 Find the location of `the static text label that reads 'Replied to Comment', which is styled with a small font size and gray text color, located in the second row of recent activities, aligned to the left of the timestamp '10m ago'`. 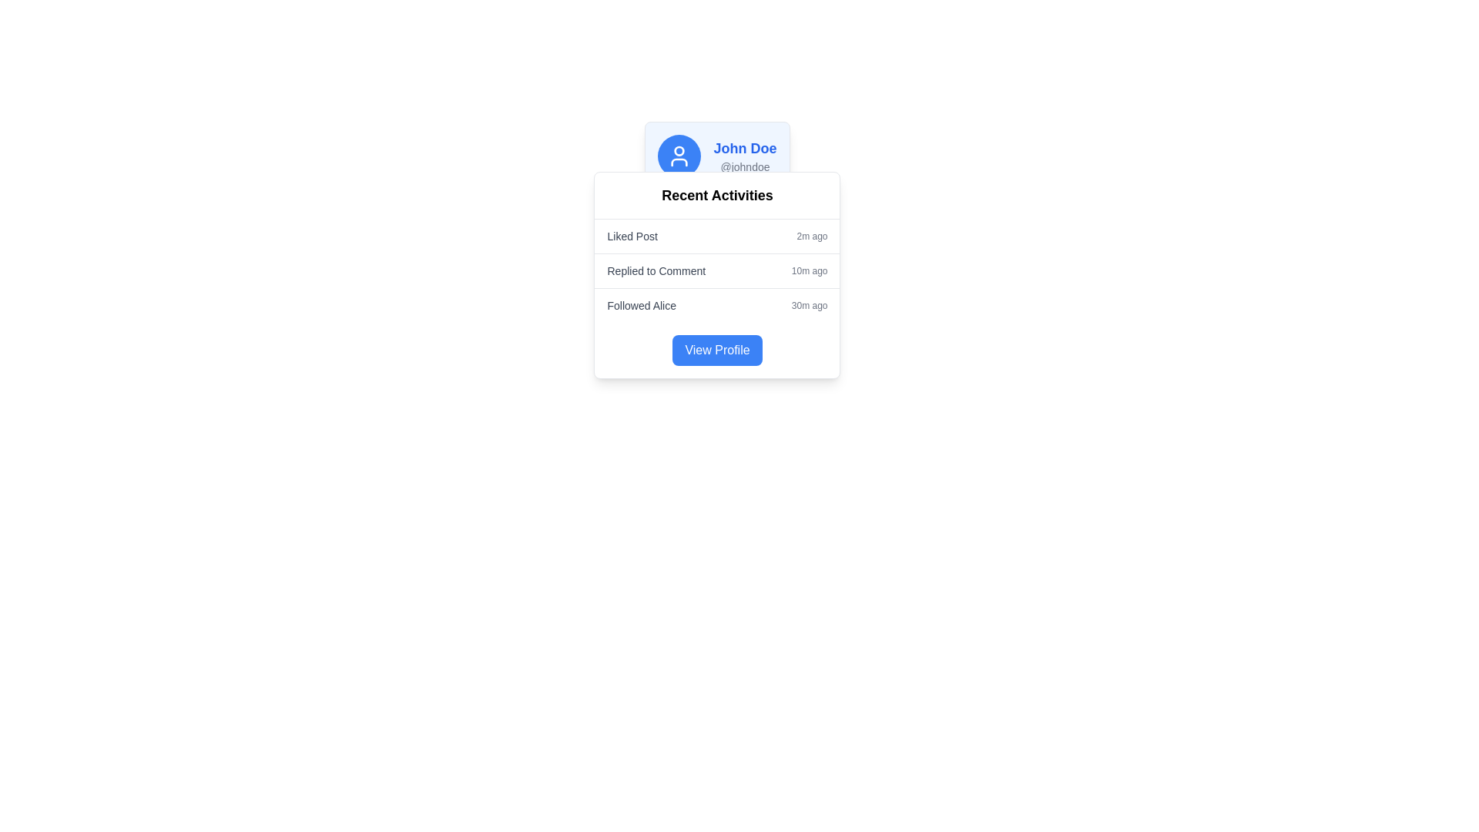

the static text label that reads 'Replied to Comment', which is styled with a small font size and gray text color, located in the second row of recent activities, aligned to the left of the timestamp '10m ago' is located at coordinates (656, 270).